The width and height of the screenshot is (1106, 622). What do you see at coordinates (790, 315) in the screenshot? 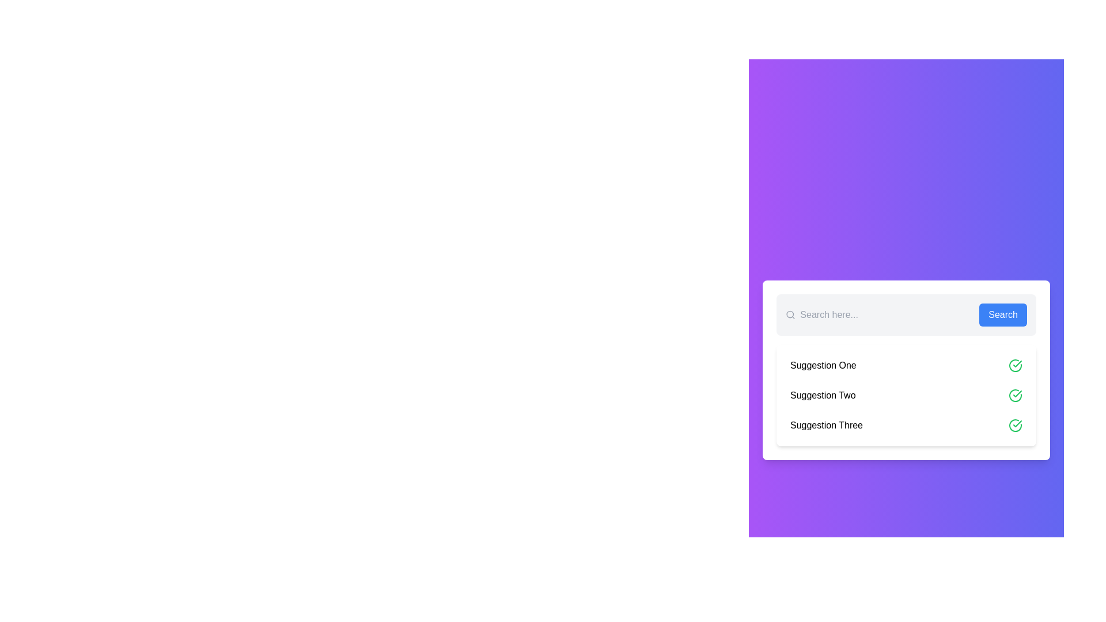
I see `the magnifying glass icon located inside the search bar, which is positioned on the left side of the input field for entering search terms` at bounding box center [790, 315].